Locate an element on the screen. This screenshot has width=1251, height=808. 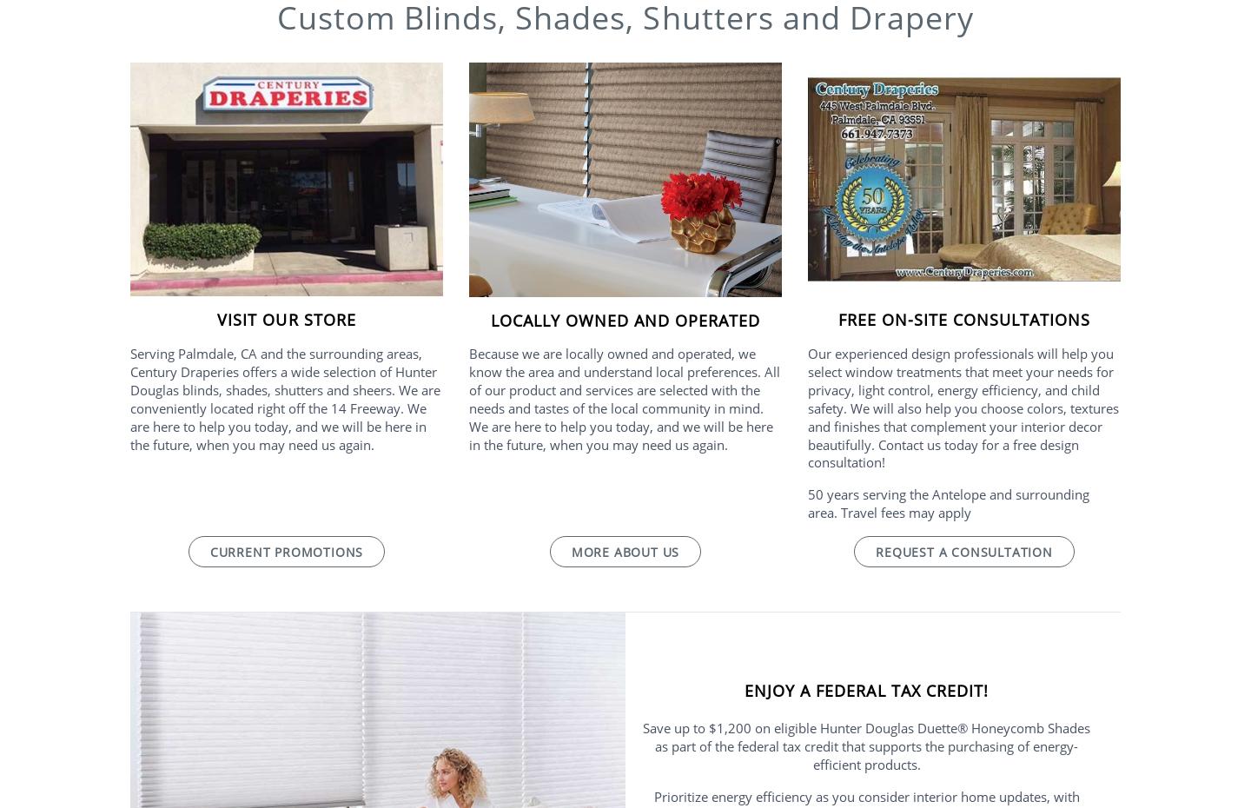
'Request a consultation' is located at coordinates (874, 550).